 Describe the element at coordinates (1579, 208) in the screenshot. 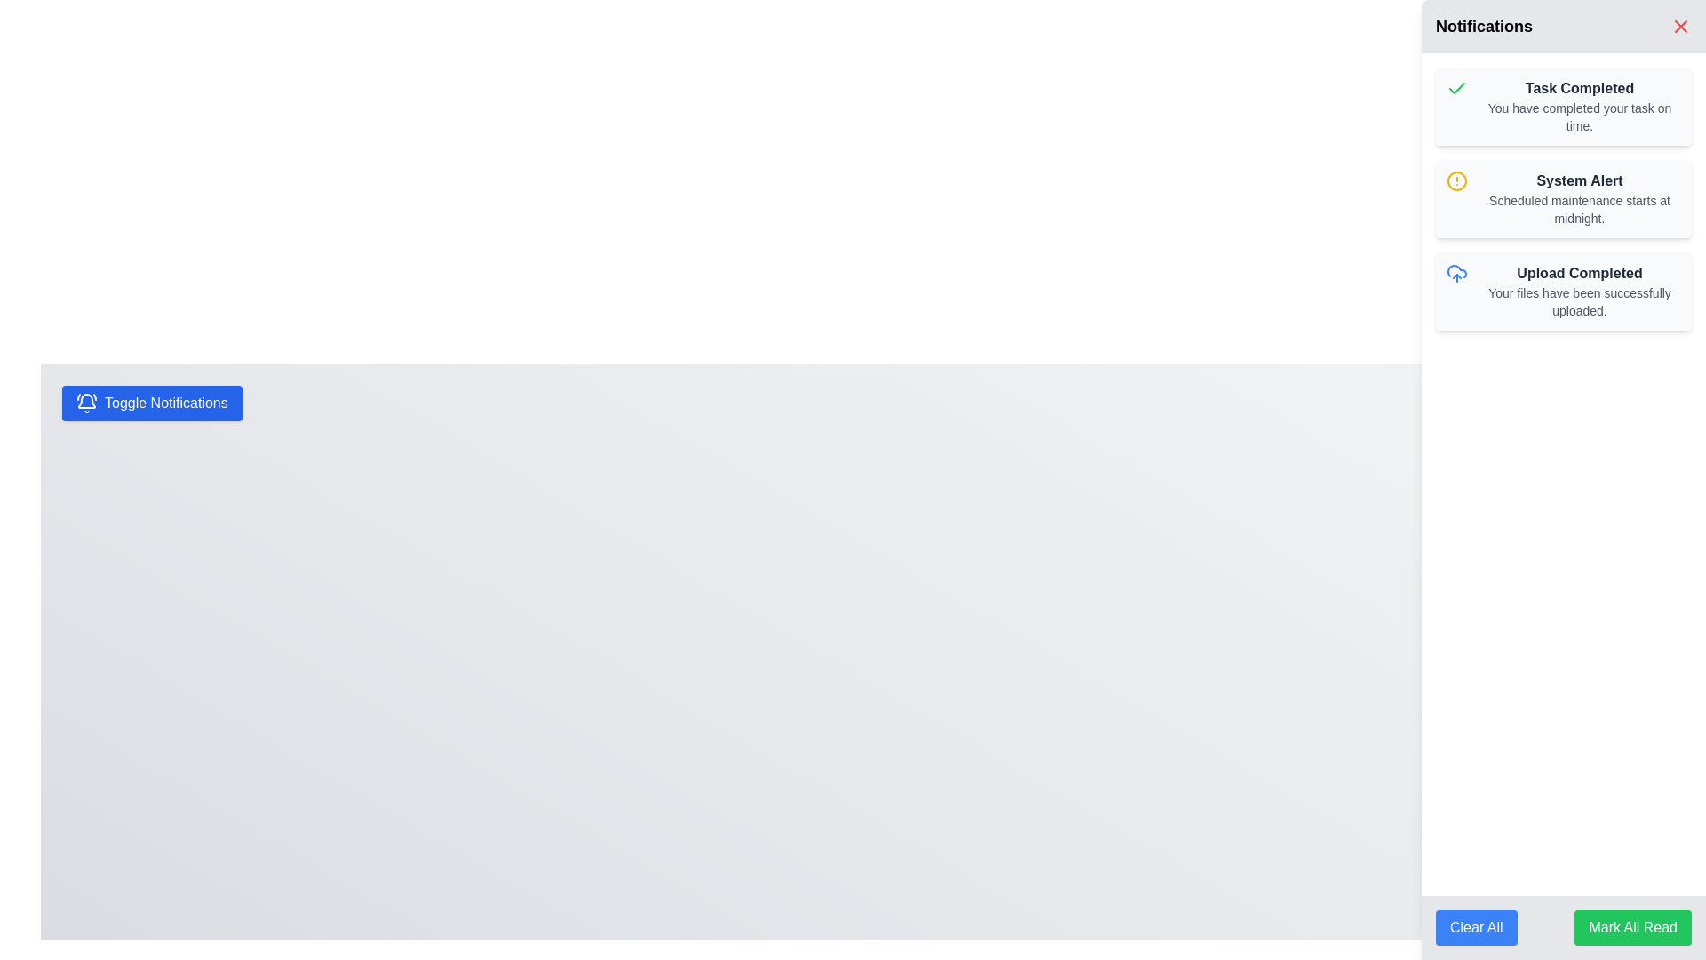

I see `text label that states 'Scheduled maintenance starts at midnight.', located beneath the title 'System Alert' in the top-right section of the notification panel` at that location.